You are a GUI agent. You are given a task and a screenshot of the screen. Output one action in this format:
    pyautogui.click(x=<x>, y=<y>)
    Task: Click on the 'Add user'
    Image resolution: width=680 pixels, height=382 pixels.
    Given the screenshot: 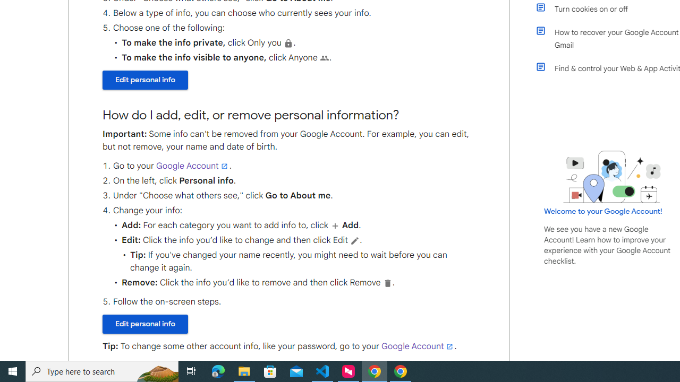 What is the action you would take?
    pyautogui.click(x=335, y=225)
    